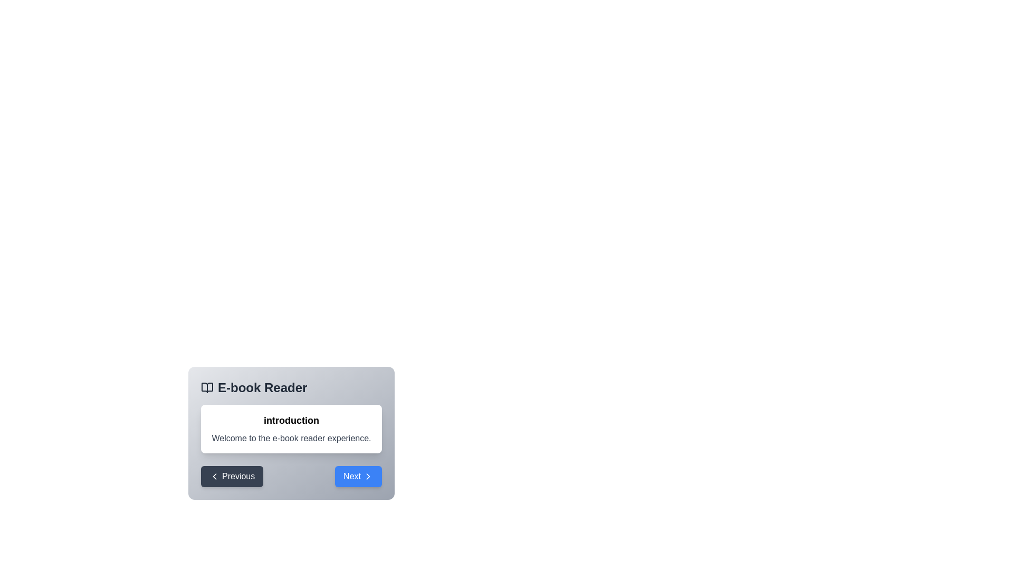 Image resolution: width=1013 pixels, height=570 pixels. What do you see at coordinates (368, 476) in the screenshot?
I see `the SVG icon located to the right of the 'Next' text label within the 'Next' button in the bottom-right corner of the E-book Reader card interface` at bounding box center [368, 476].